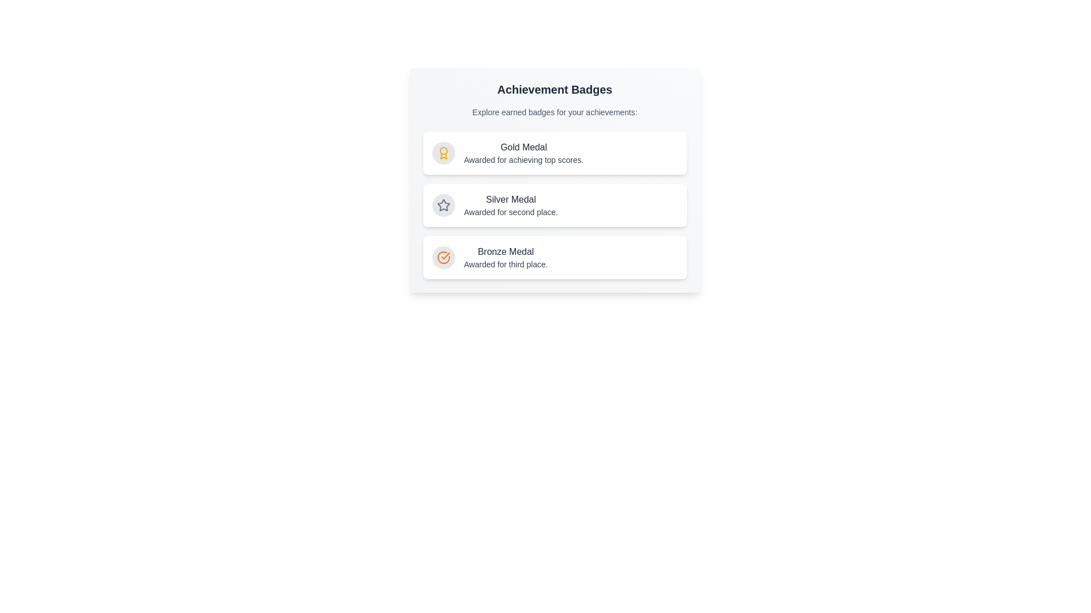 Image resolution: width=1091 pixels, height=613 pixels. I want to click on the Header that provides information about the gold medal achievement, which is the first card among three in the vertical list, so click(523, 153).